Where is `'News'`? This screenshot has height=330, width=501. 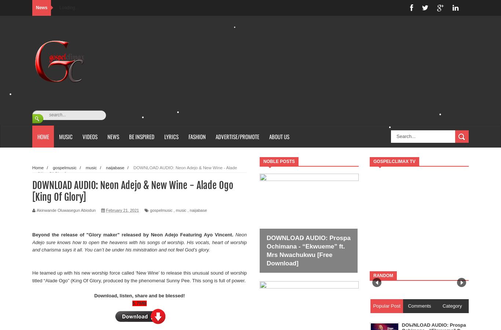
'News' is located at coordinates (41, 7).